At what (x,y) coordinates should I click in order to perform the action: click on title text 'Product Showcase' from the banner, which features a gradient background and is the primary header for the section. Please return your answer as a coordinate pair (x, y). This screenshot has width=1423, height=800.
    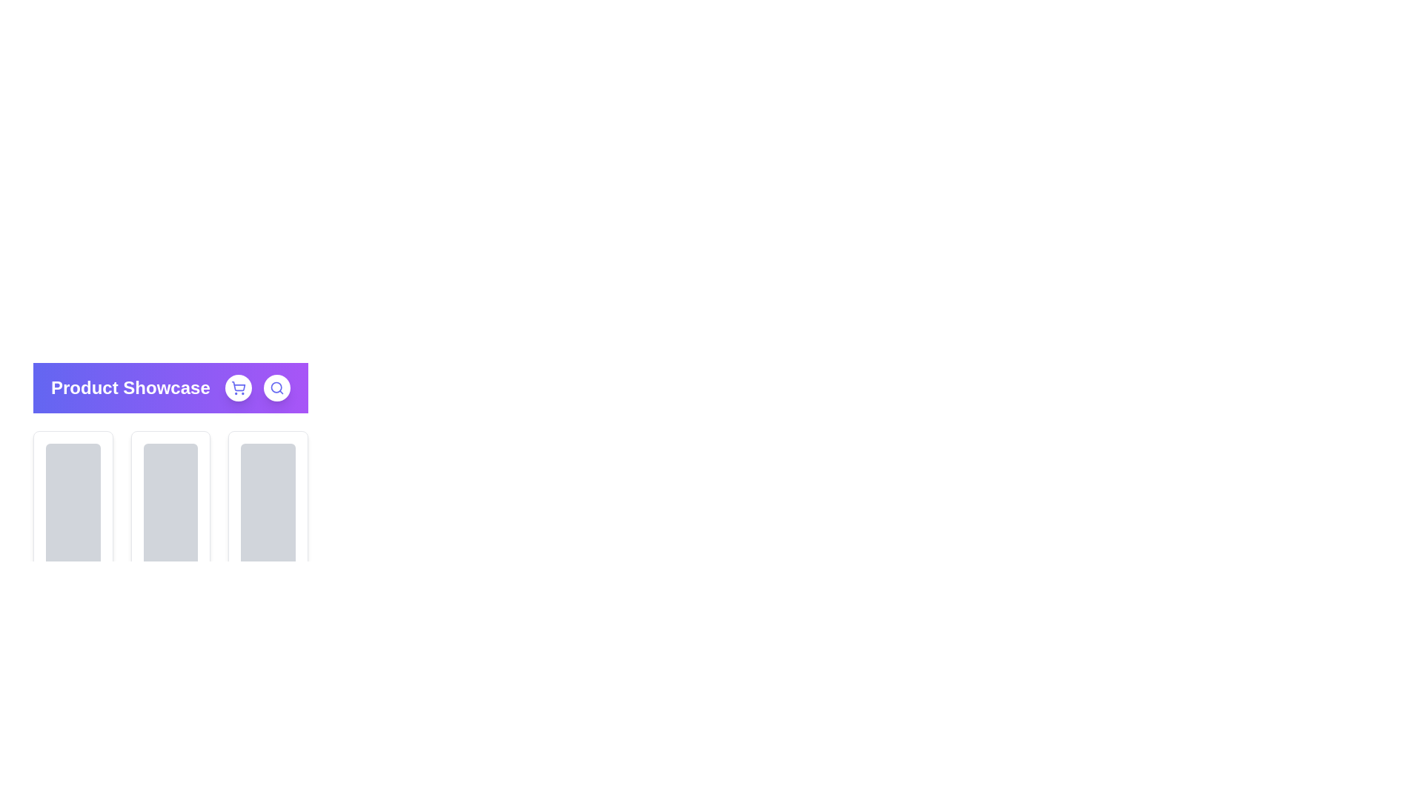
    Looking at the image, I should click on (170, 387).